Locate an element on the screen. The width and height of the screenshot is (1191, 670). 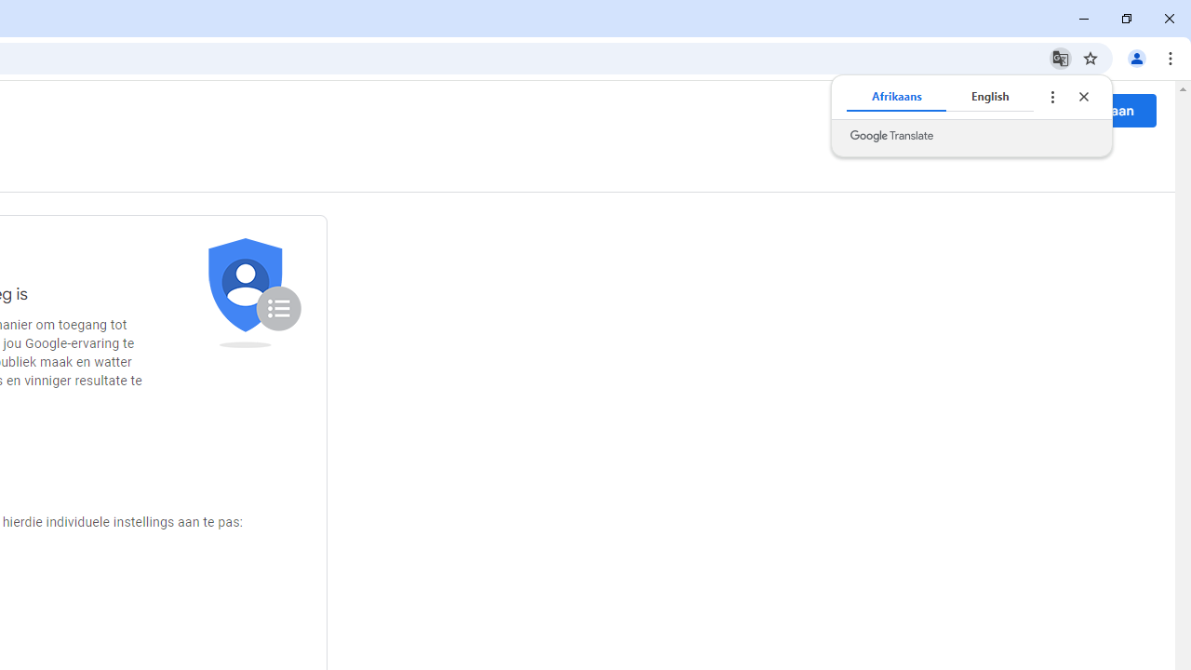
'Afrikaans' is located at coordinates (896, 97).